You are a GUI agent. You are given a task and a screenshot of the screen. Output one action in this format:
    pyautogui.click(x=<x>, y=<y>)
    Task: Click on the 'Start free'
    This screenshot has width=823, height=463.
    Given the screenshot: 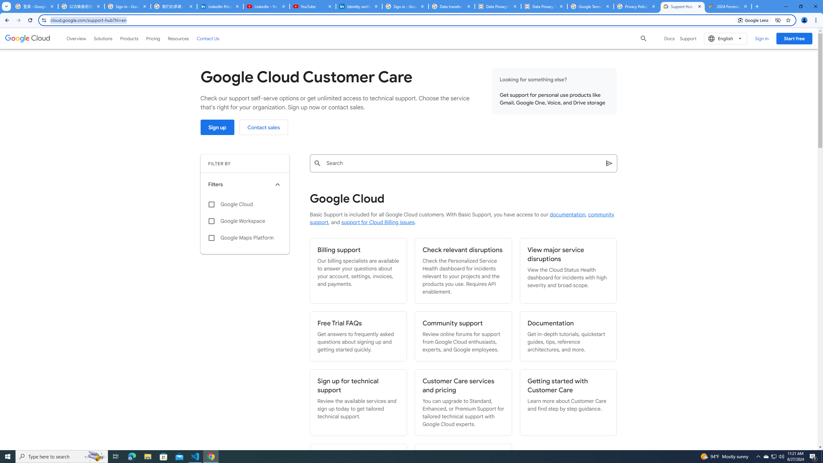 What is the action you would take?
    pyautogui.click(x=794, y=38)
    